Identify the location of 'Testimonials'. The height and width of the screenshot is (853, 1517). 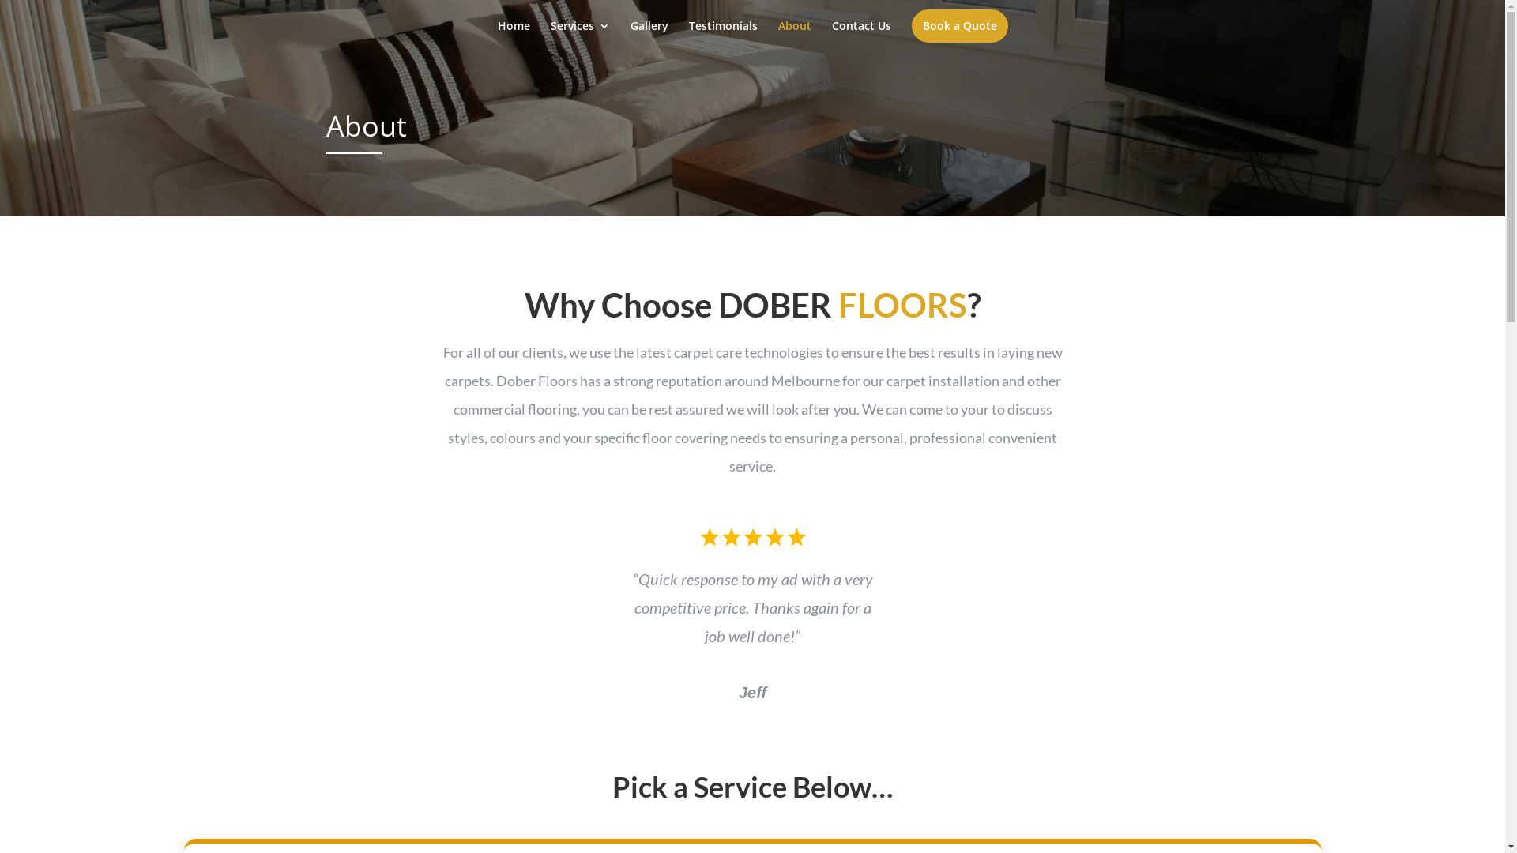
(722, 36).